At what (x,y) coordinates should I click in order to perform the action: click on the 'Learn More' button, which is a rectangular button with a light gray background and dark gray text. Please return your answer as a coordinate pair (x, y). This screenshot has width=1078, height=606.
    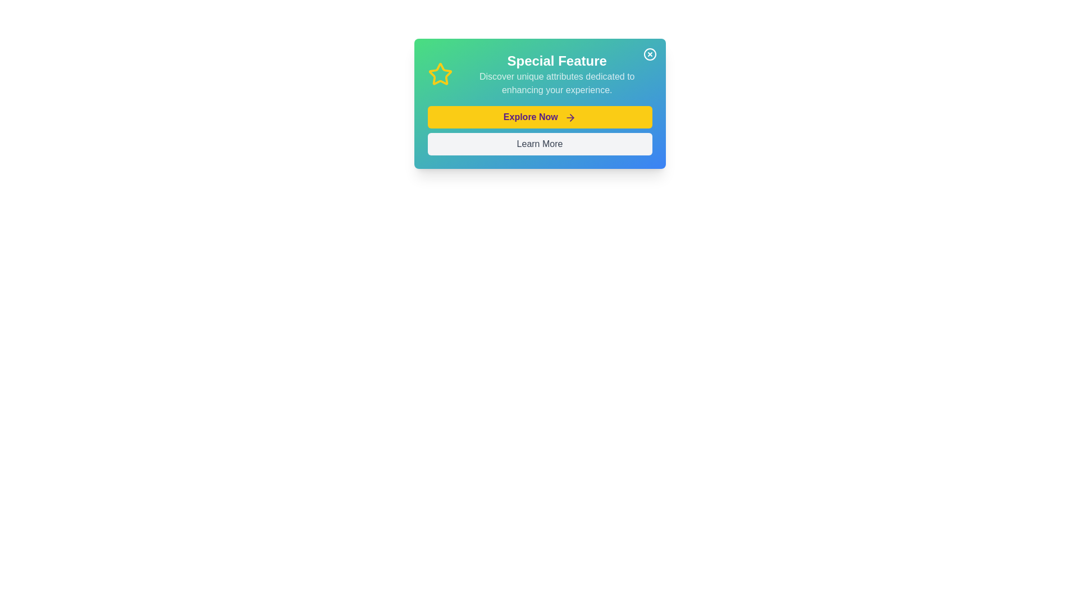
    Looking at the image, I should click on (540, 144).